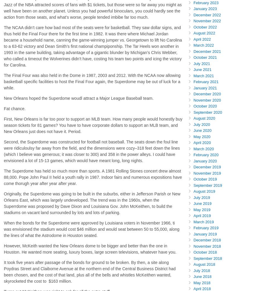 The image size is (279, 291). I want to click on 'However, McKeith wanted the New Orleans dome to be bigger and better than the one in Houston. He wanted more seating, luxury boxes, large screen televisions, whatever have you.', so click(90, 249).